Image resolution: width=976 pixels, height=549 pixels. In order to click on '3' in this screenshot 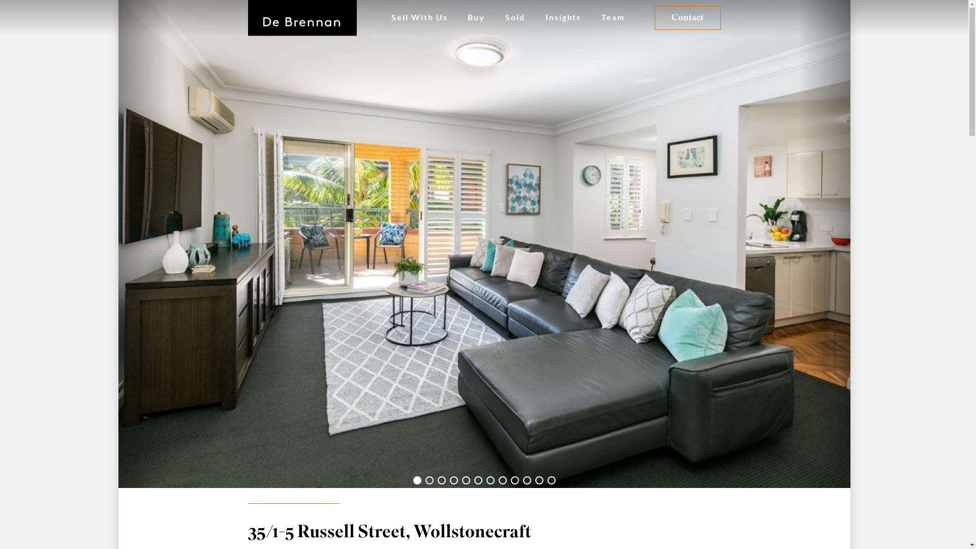, I will do `click(437, 480)`.